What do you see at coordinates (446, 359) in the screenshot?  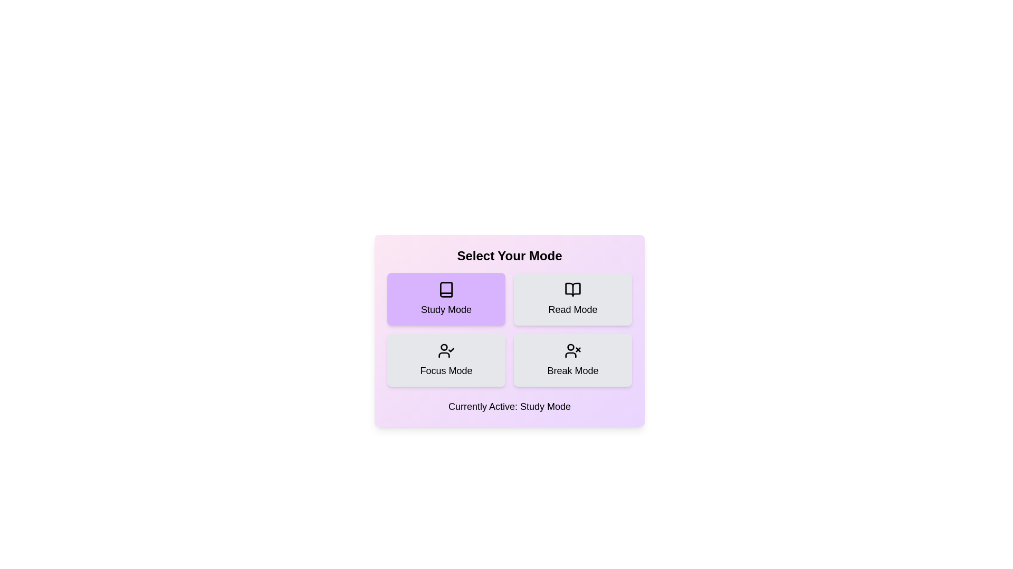 I see `the button corresponding to the desired mode: Focus Mode` at bounding box center [446, 359].